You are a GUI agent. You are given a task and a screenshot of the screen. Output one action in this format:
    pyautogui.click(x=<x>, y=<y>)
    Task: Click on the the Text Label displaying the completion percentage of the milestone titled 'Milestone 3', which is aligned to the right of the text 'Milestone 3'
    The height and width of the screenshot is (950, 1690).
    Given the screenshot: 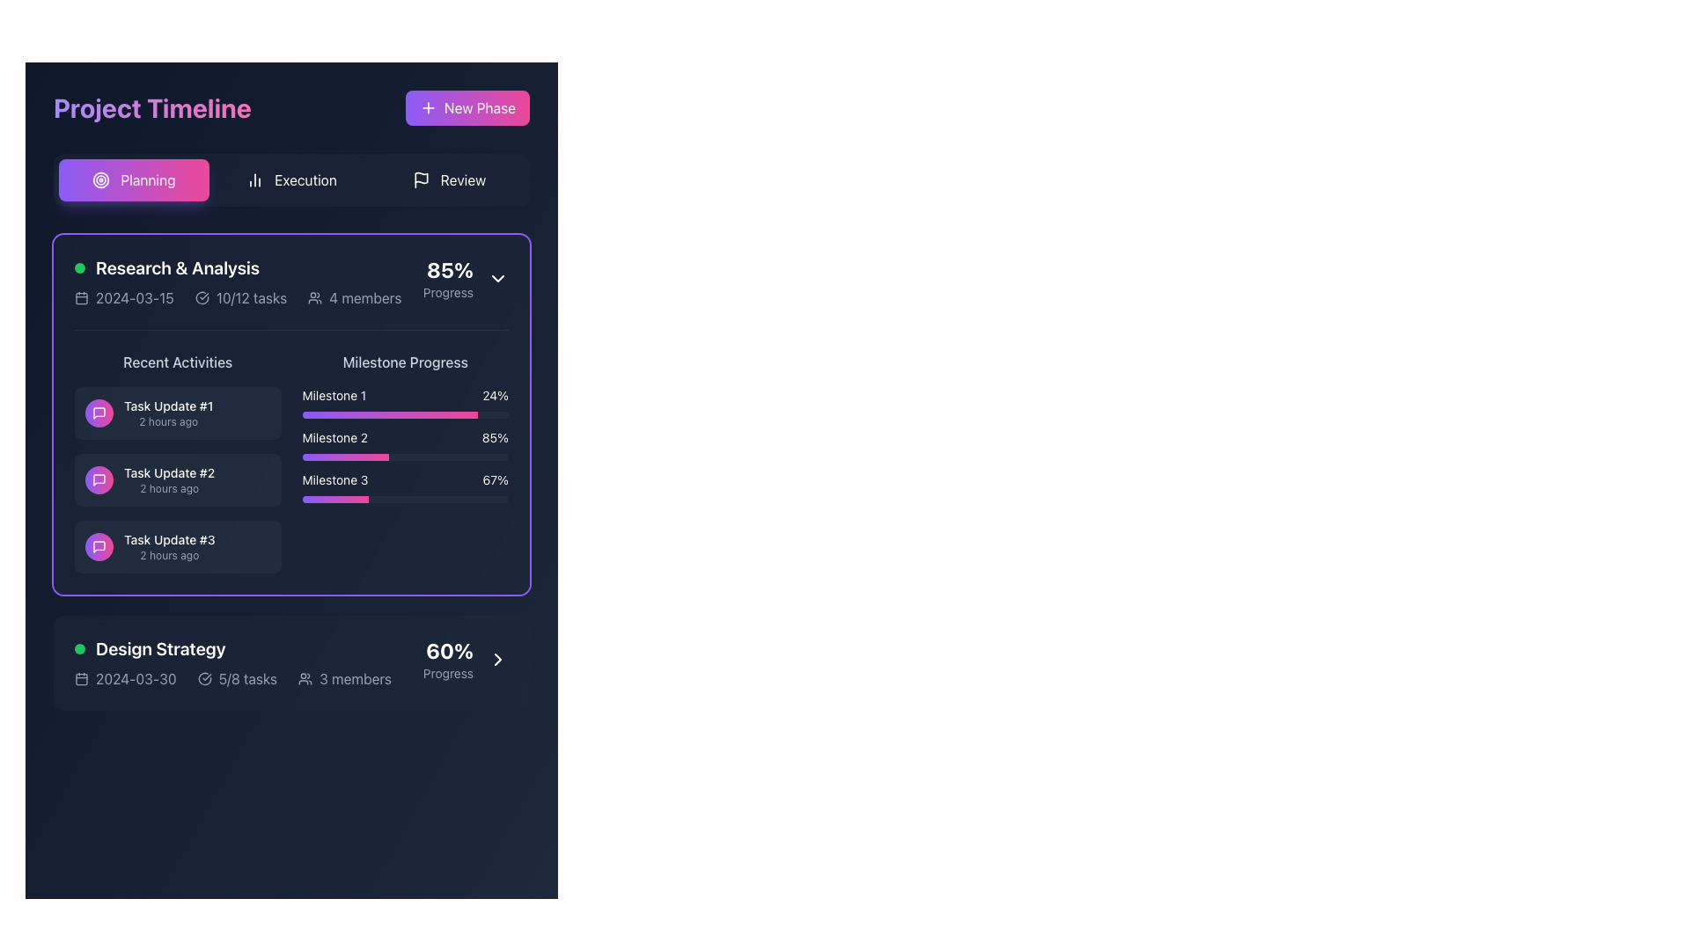 What is the action you would take?
    pyautogui.click(x=495, y=480)
    